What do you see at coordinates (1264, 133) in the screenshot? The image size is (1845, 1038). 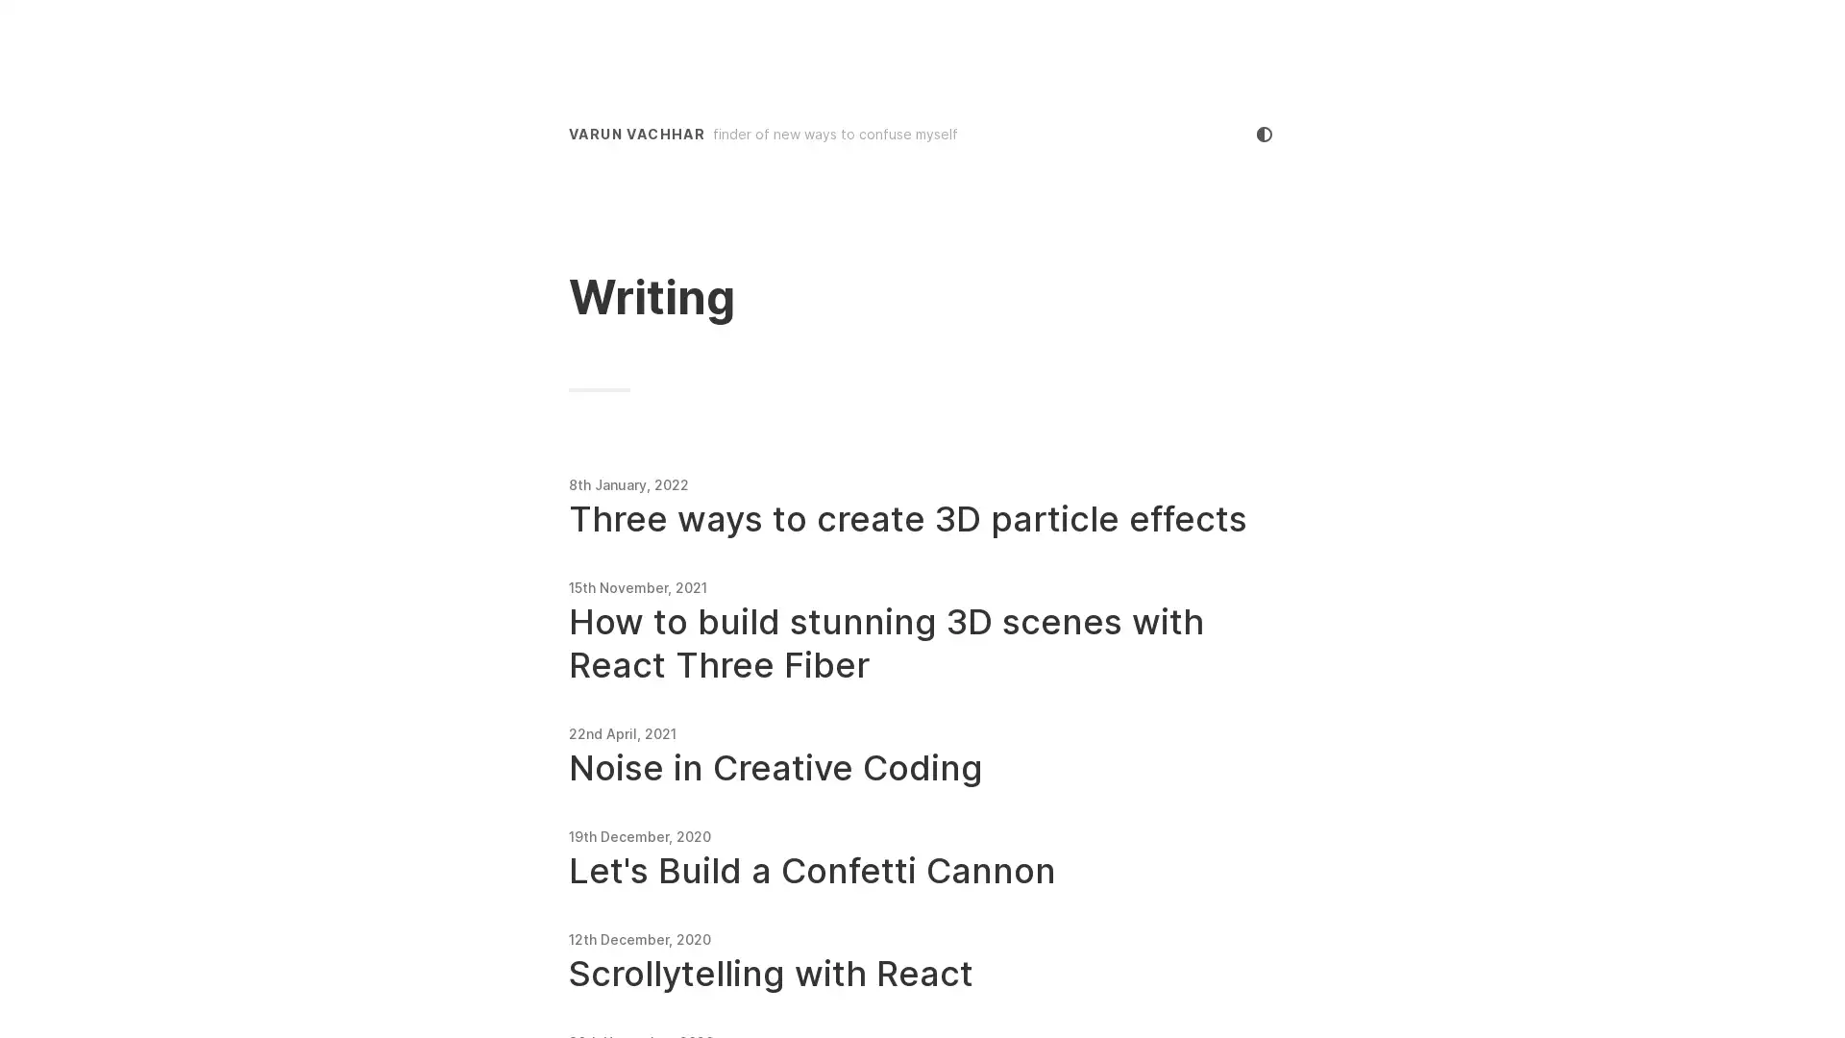 I see `cycle colour mode` at bounding box center [1264, 133].